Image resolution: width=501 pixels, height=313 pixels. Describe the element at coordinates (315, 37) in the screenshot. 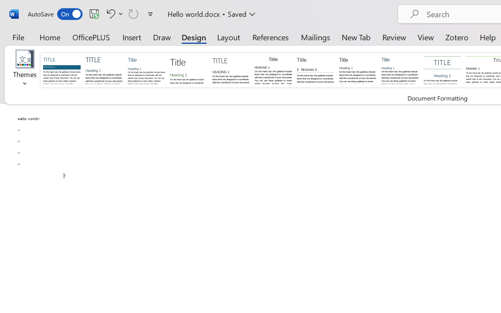

I see `'Mailings'` at that location.